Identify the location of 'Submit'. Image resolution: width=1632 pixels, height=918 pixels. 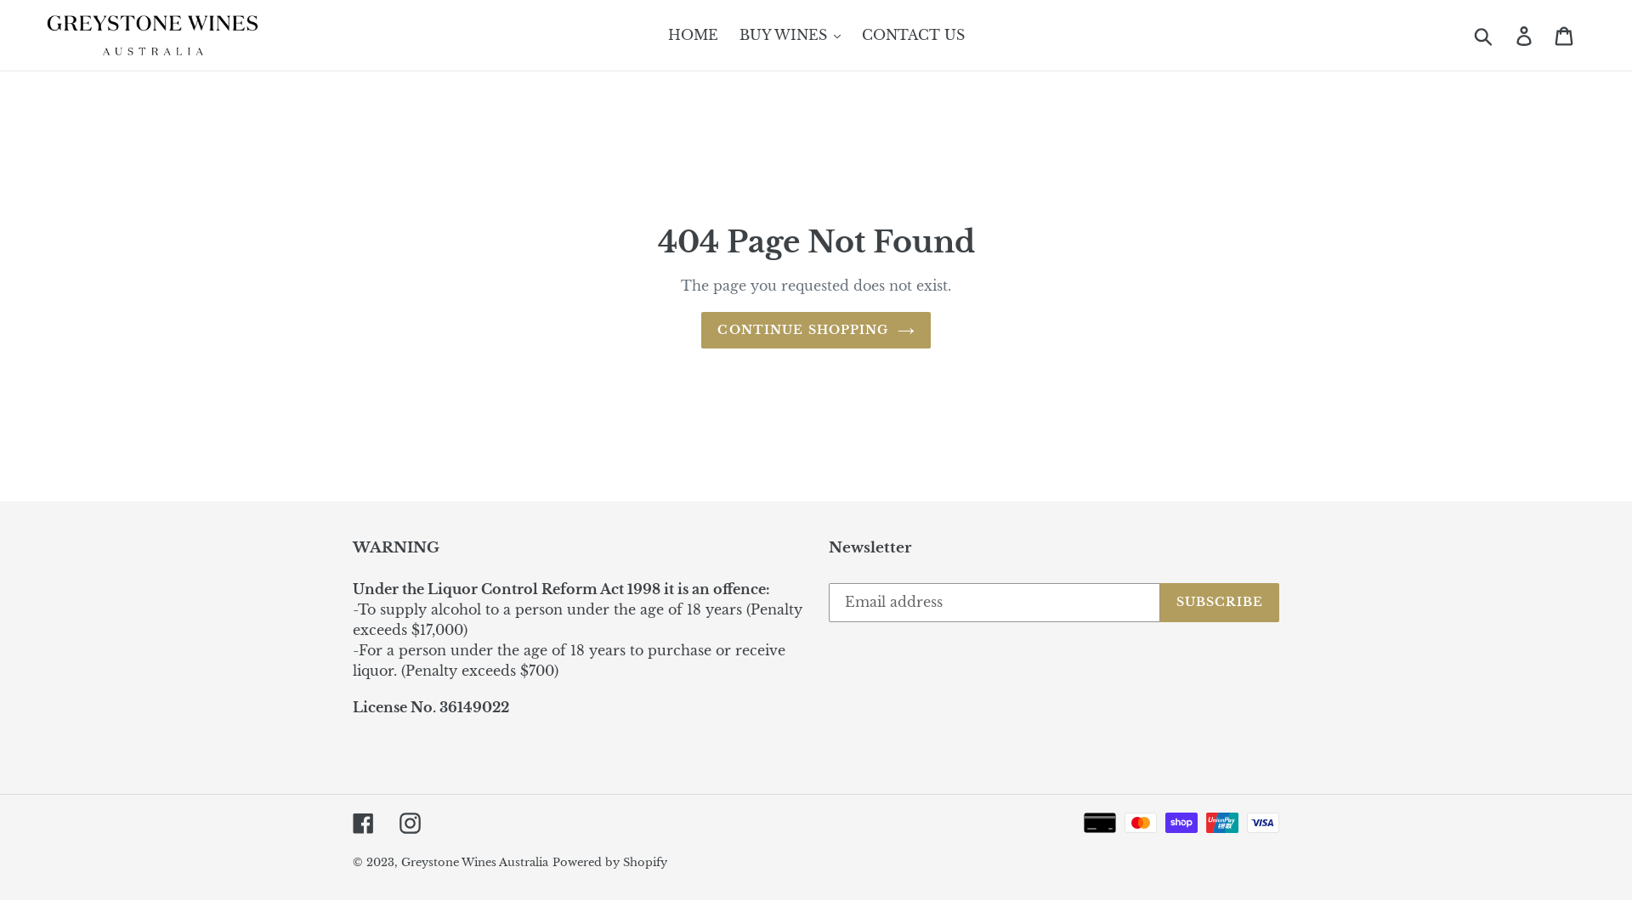
(1483, 35).